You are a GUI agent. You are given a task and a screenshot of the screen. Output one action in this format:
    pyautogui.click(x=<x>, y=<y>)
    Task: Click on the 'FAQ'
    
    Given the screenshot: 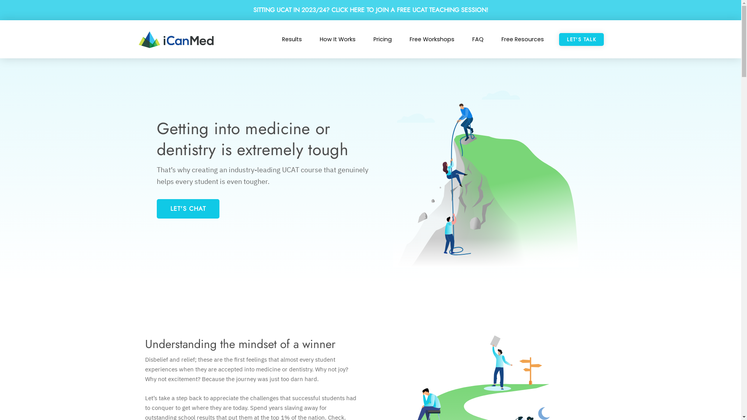 What is the action you would take?
    pyautogui.click(x=465, y=39)
    